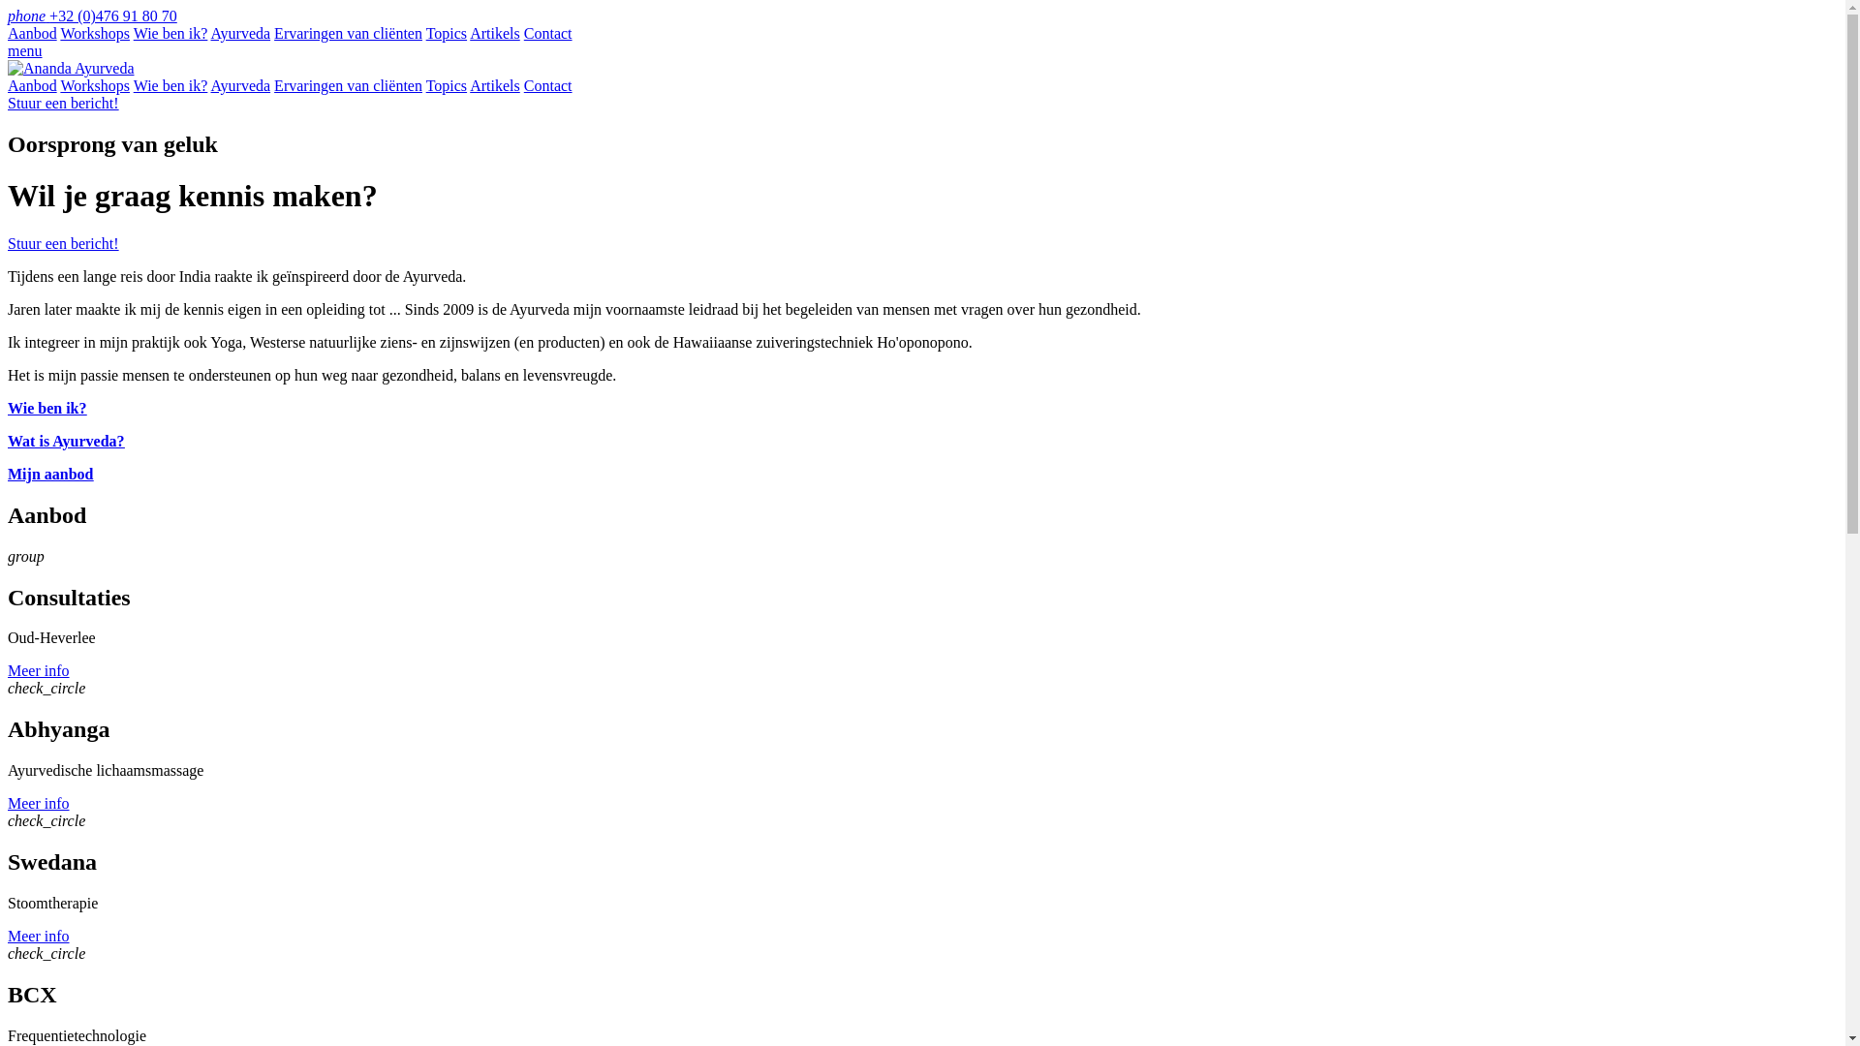 This screenshot has width=1860, height=1046. What do you see at coordinates (71, 67) in the screenshot?
I see `'Ananda Ayurveda'` at bounding box center [71, 67].